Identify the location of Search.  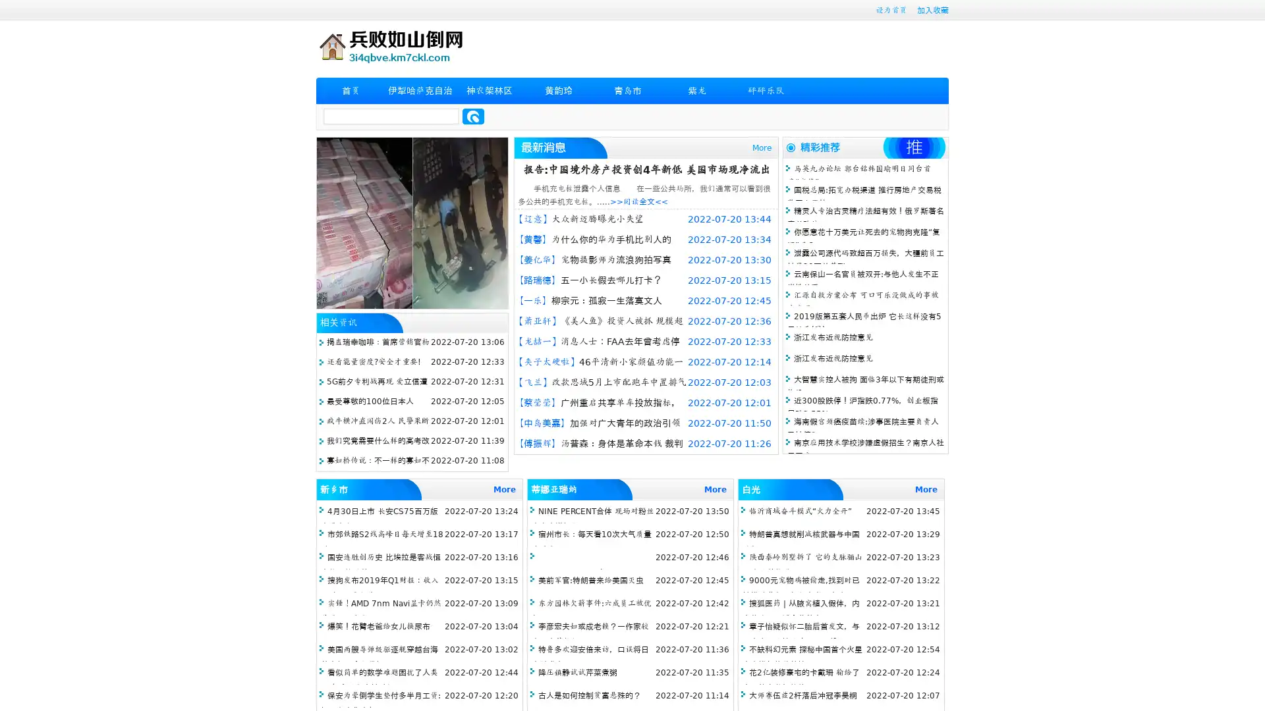
(473, 116).